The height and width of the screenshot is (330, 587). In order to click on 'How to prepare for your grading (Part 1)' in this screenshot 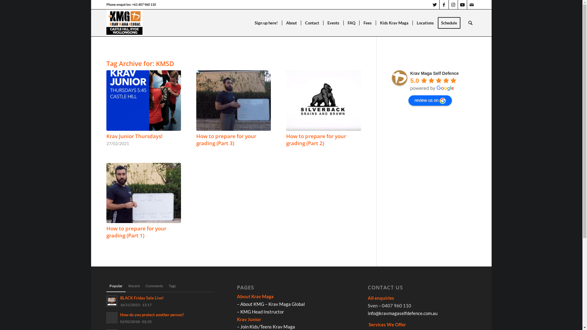, I will do `click(143, 193)`.